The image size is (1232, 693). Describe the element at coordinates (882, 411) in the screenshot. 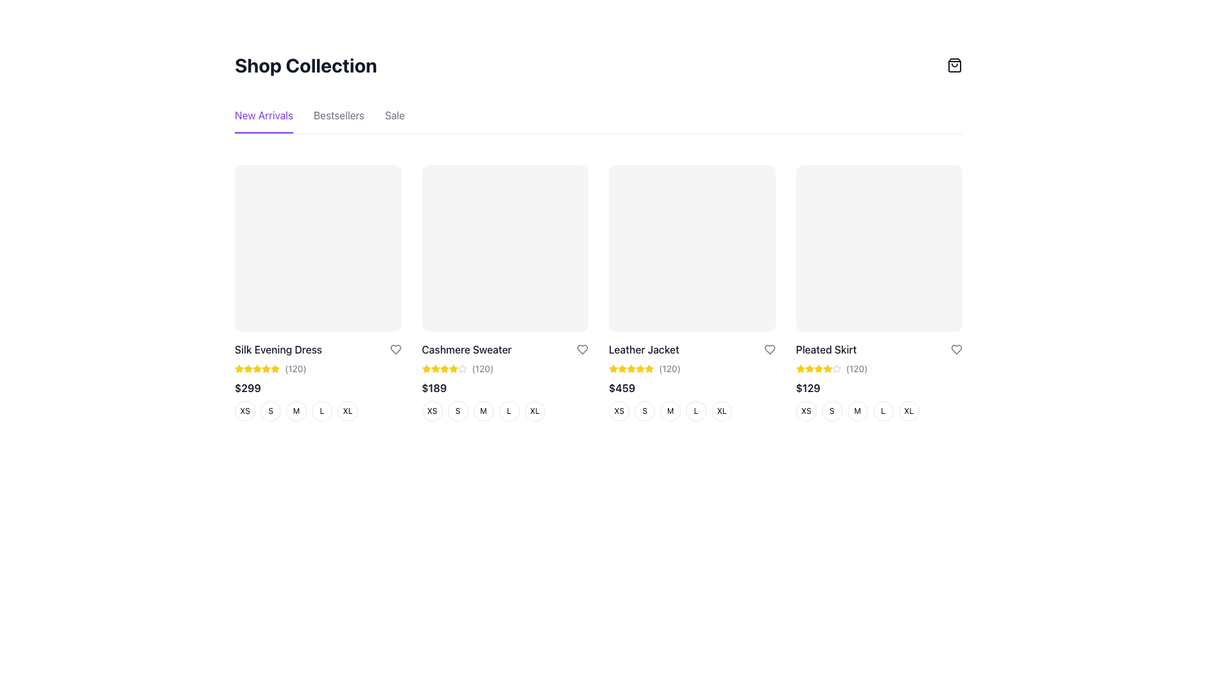

I see `the circular button labeled 'L', which is the fourth button in the size options row for the 'Pleated Skirt' item` at that location.